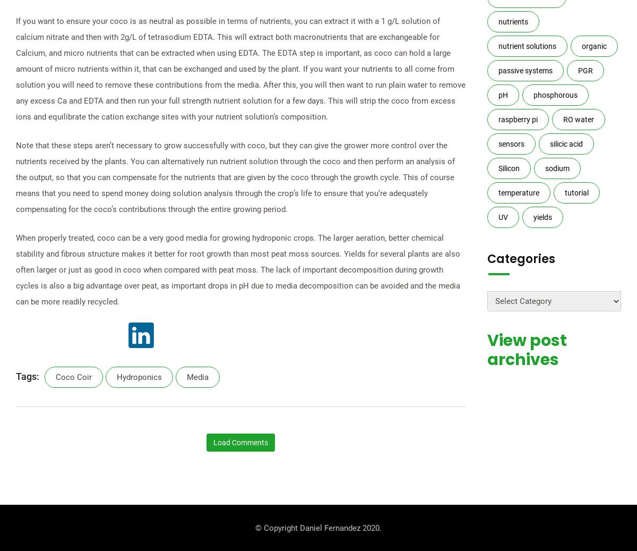 The height and width of the screenshot is (551, 637). What do you see at coordinates (575, 192) in the screenshot?
I see `'tutorial'` at bounding box center [575, 192].